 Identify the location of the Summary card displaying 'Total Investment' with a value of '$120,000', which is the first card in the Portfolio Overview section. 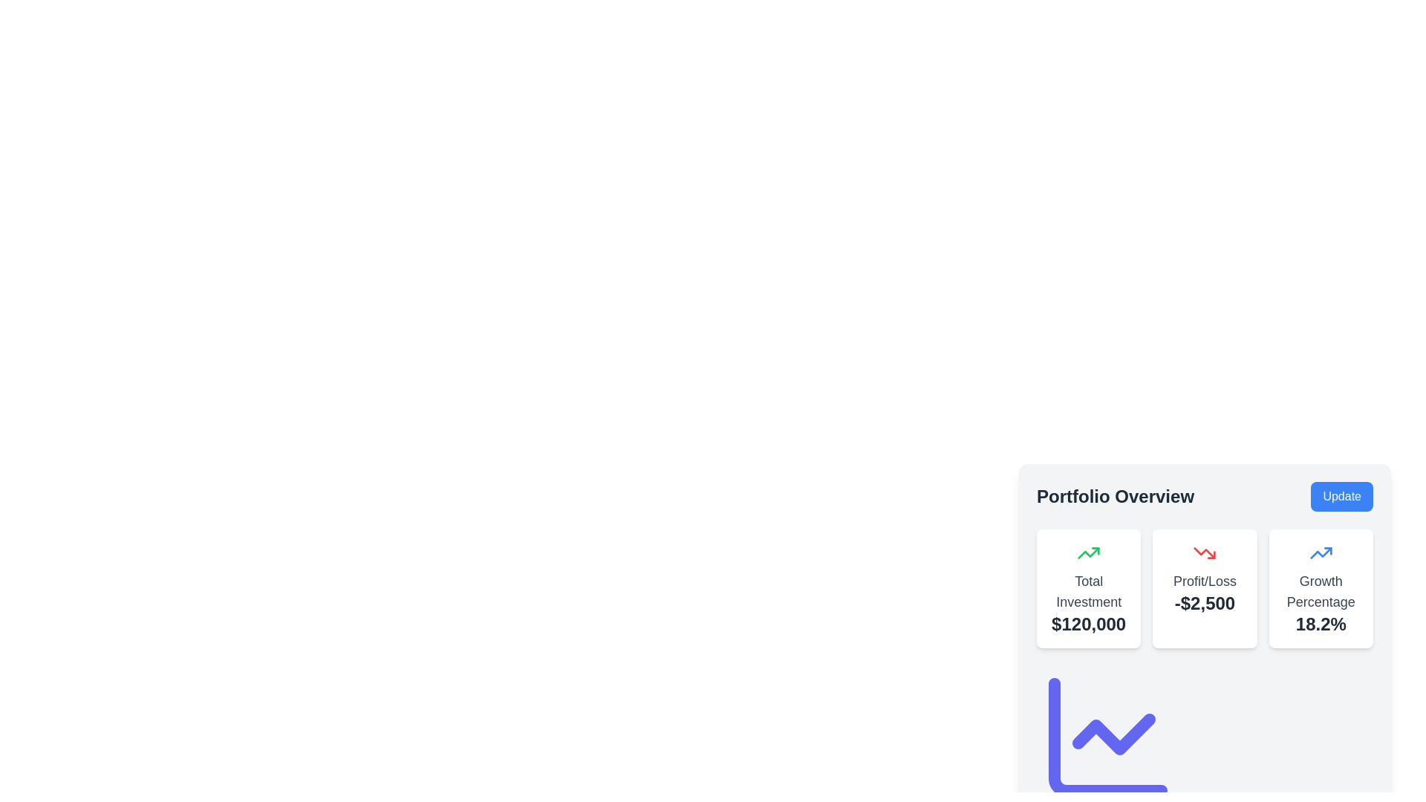
(1089, 588).